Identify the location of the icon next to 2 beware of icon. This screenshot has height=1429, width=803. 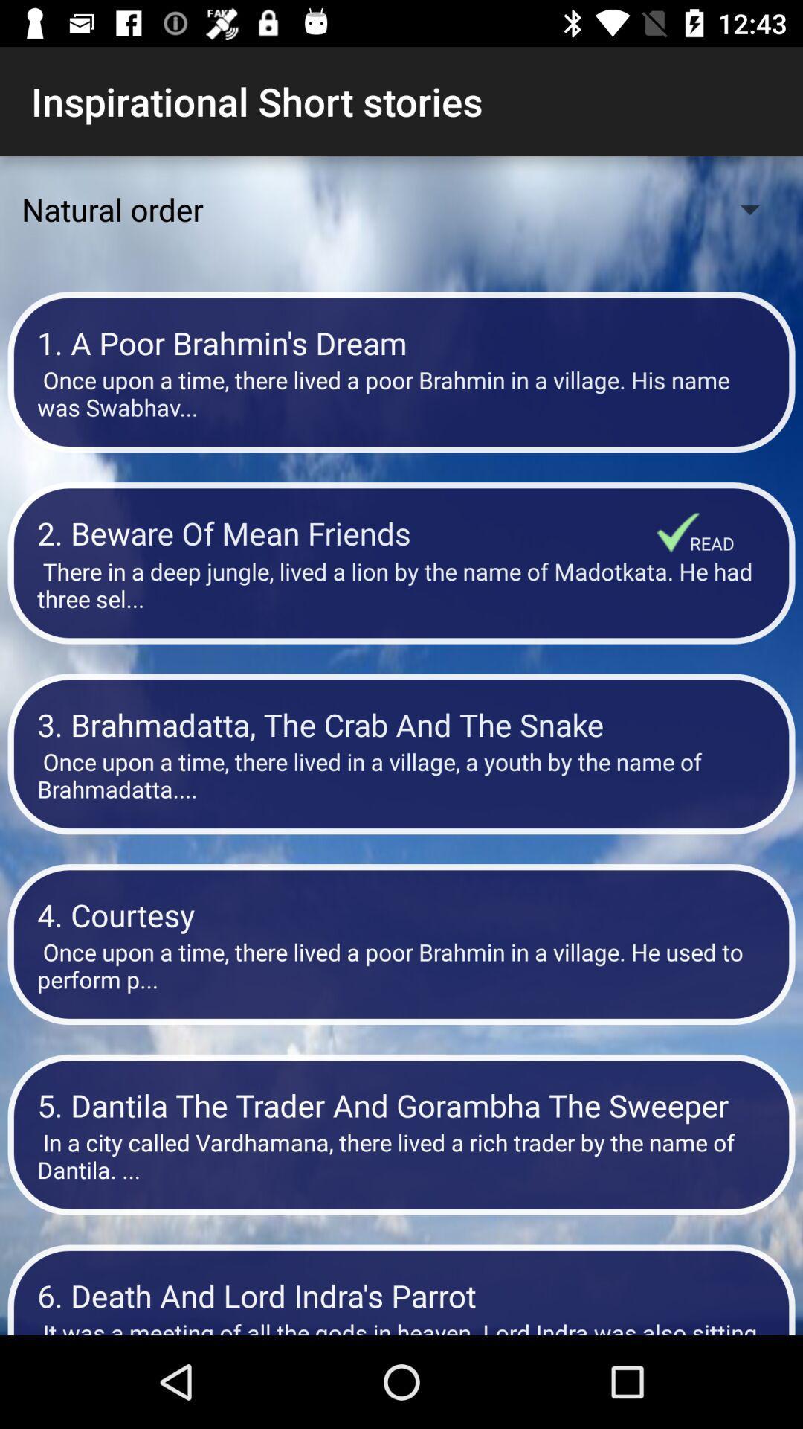
(711, 543).